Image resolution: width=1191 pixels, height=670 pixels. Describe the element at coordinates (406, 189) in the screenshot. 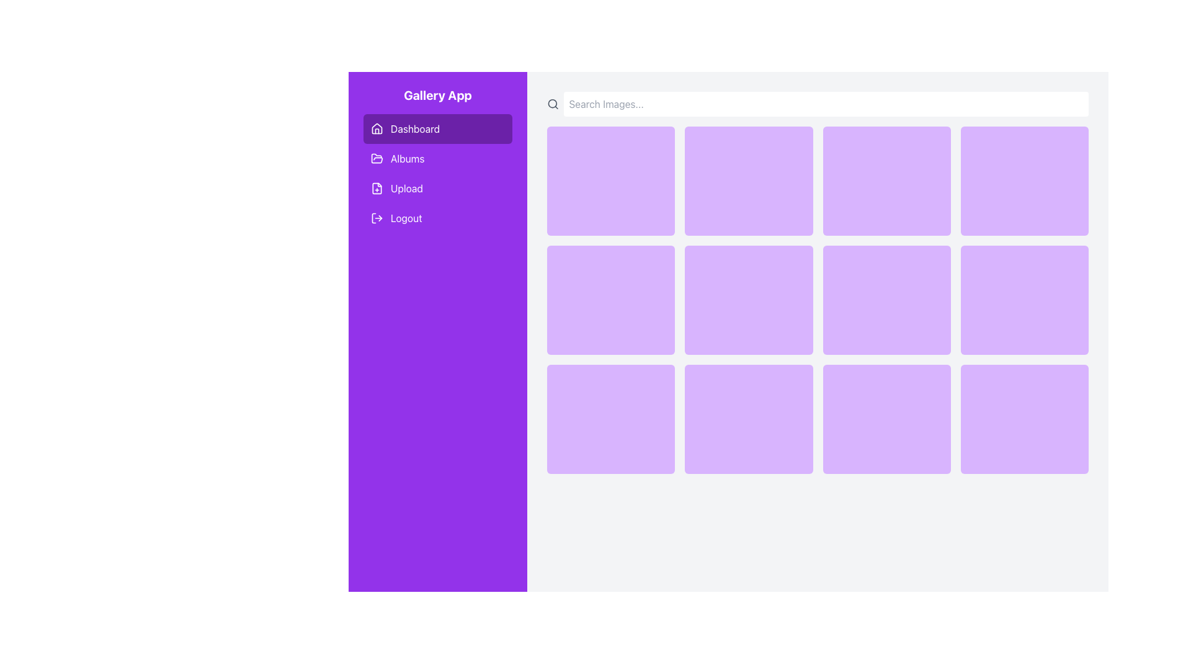

I see `the 'Upload' text label in the sidebar menu to possibly view a tooltip` at that location.